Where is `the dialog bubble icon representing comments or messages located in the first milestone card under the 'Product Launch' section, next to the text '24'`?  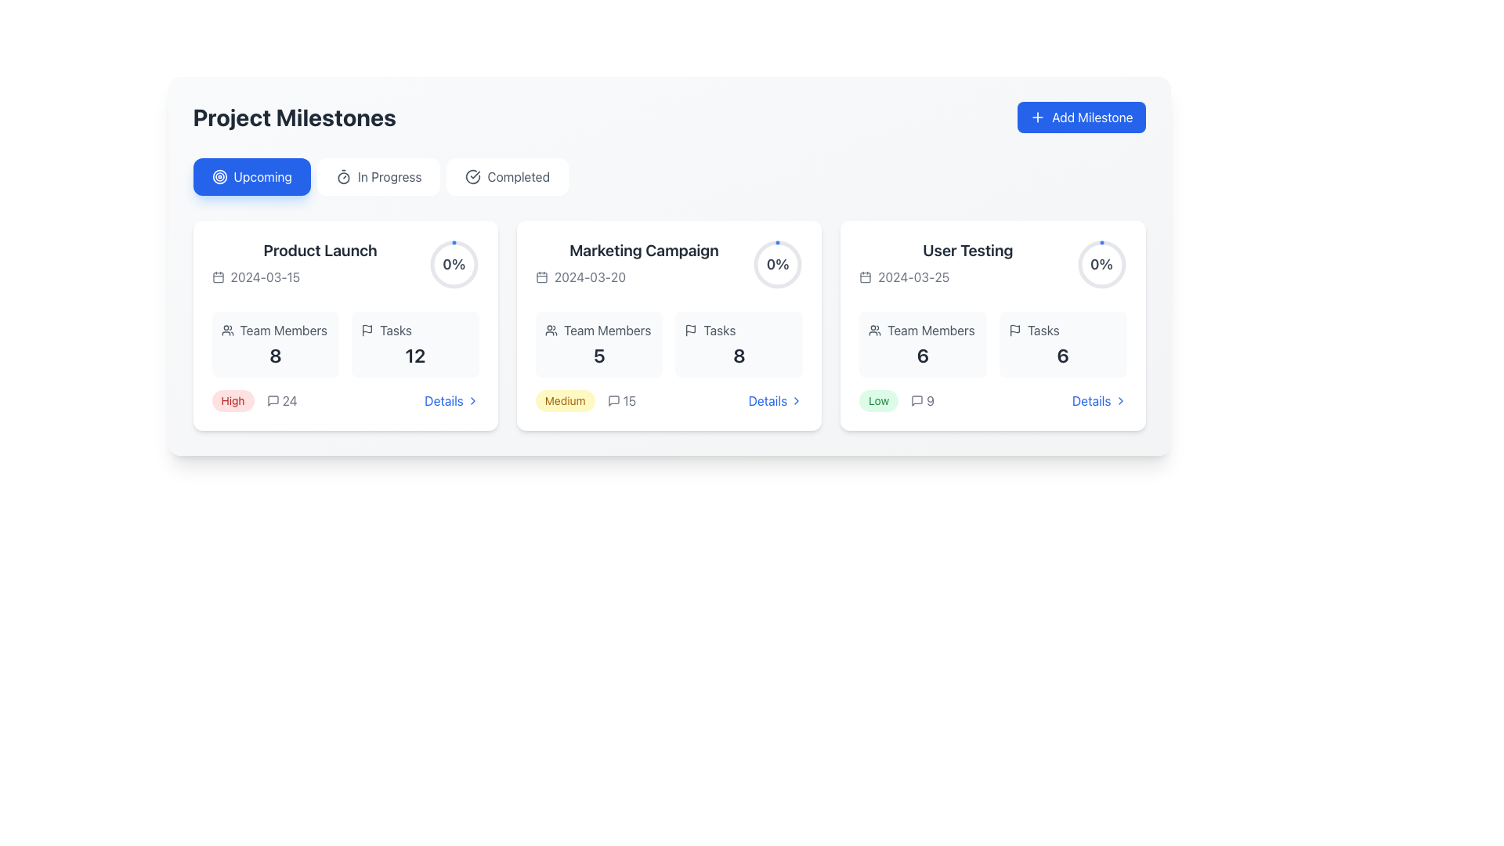
the dialog bubble icon representing comments or messages located in the first milestone card under the 'Product Launch' section, next to the text '24' is located at coordinates (273, 400).